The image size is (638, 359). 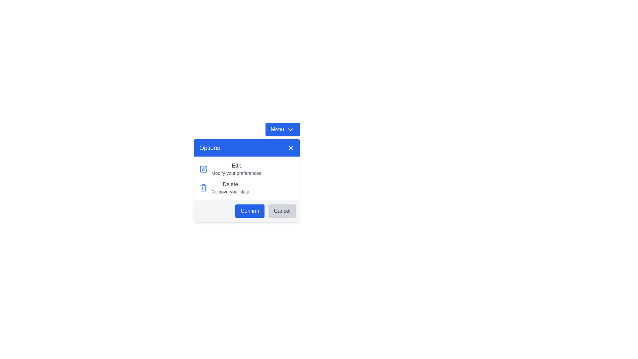 What do you see at coordinates (247, 169) in the screenshot?
I see `the first list item in the modal dialog box titled 'Options' that contains an icon and text for editing preferences or settings` at bounding box center [247, 169].